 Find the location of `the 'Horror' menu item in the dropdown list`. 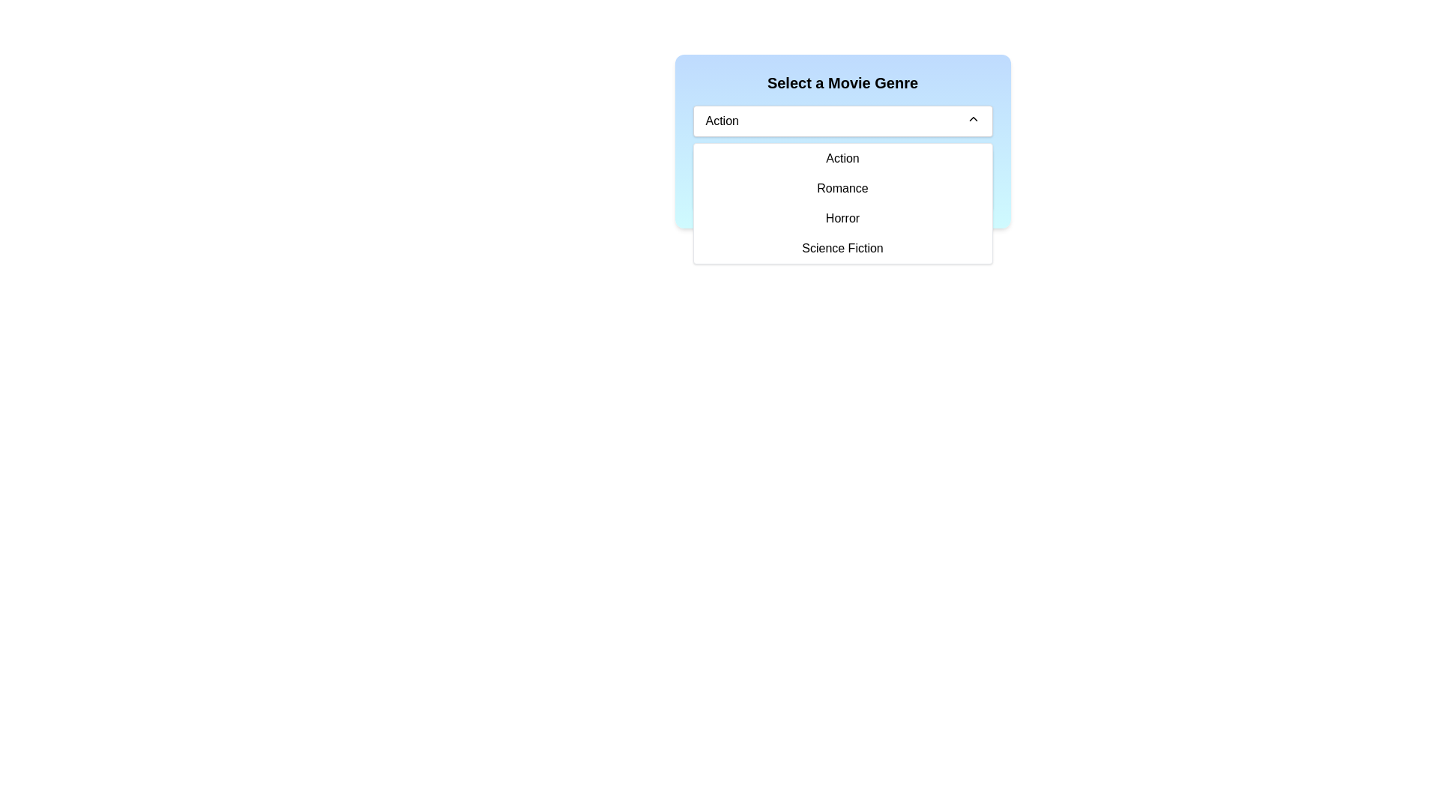

the 'Horror' menu item in the dropdown list is located at coordinates (842, 219).